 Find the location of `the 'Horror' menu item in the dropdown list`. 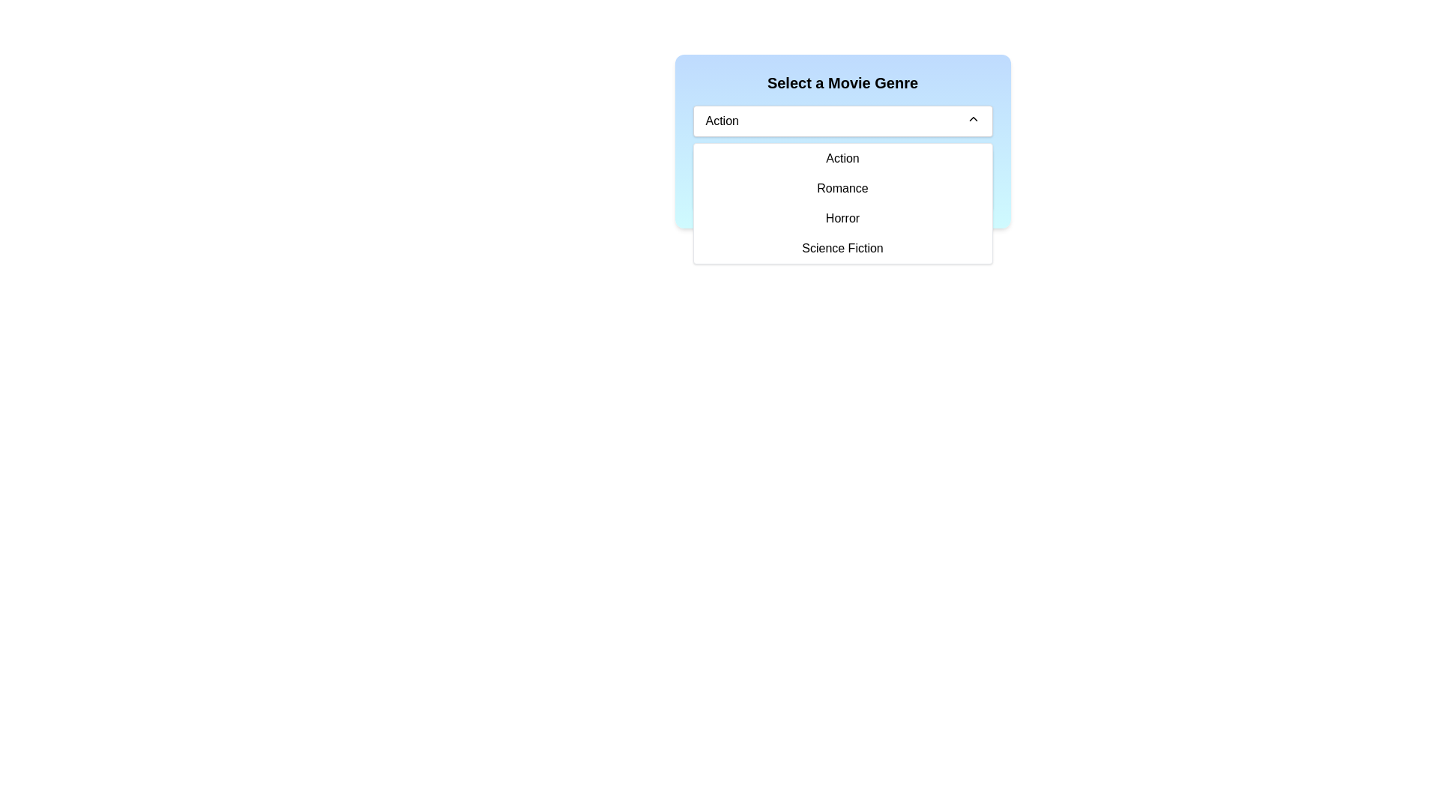

the 'Horror' menu item in the dropdown list is located at coordinates (842, 219).